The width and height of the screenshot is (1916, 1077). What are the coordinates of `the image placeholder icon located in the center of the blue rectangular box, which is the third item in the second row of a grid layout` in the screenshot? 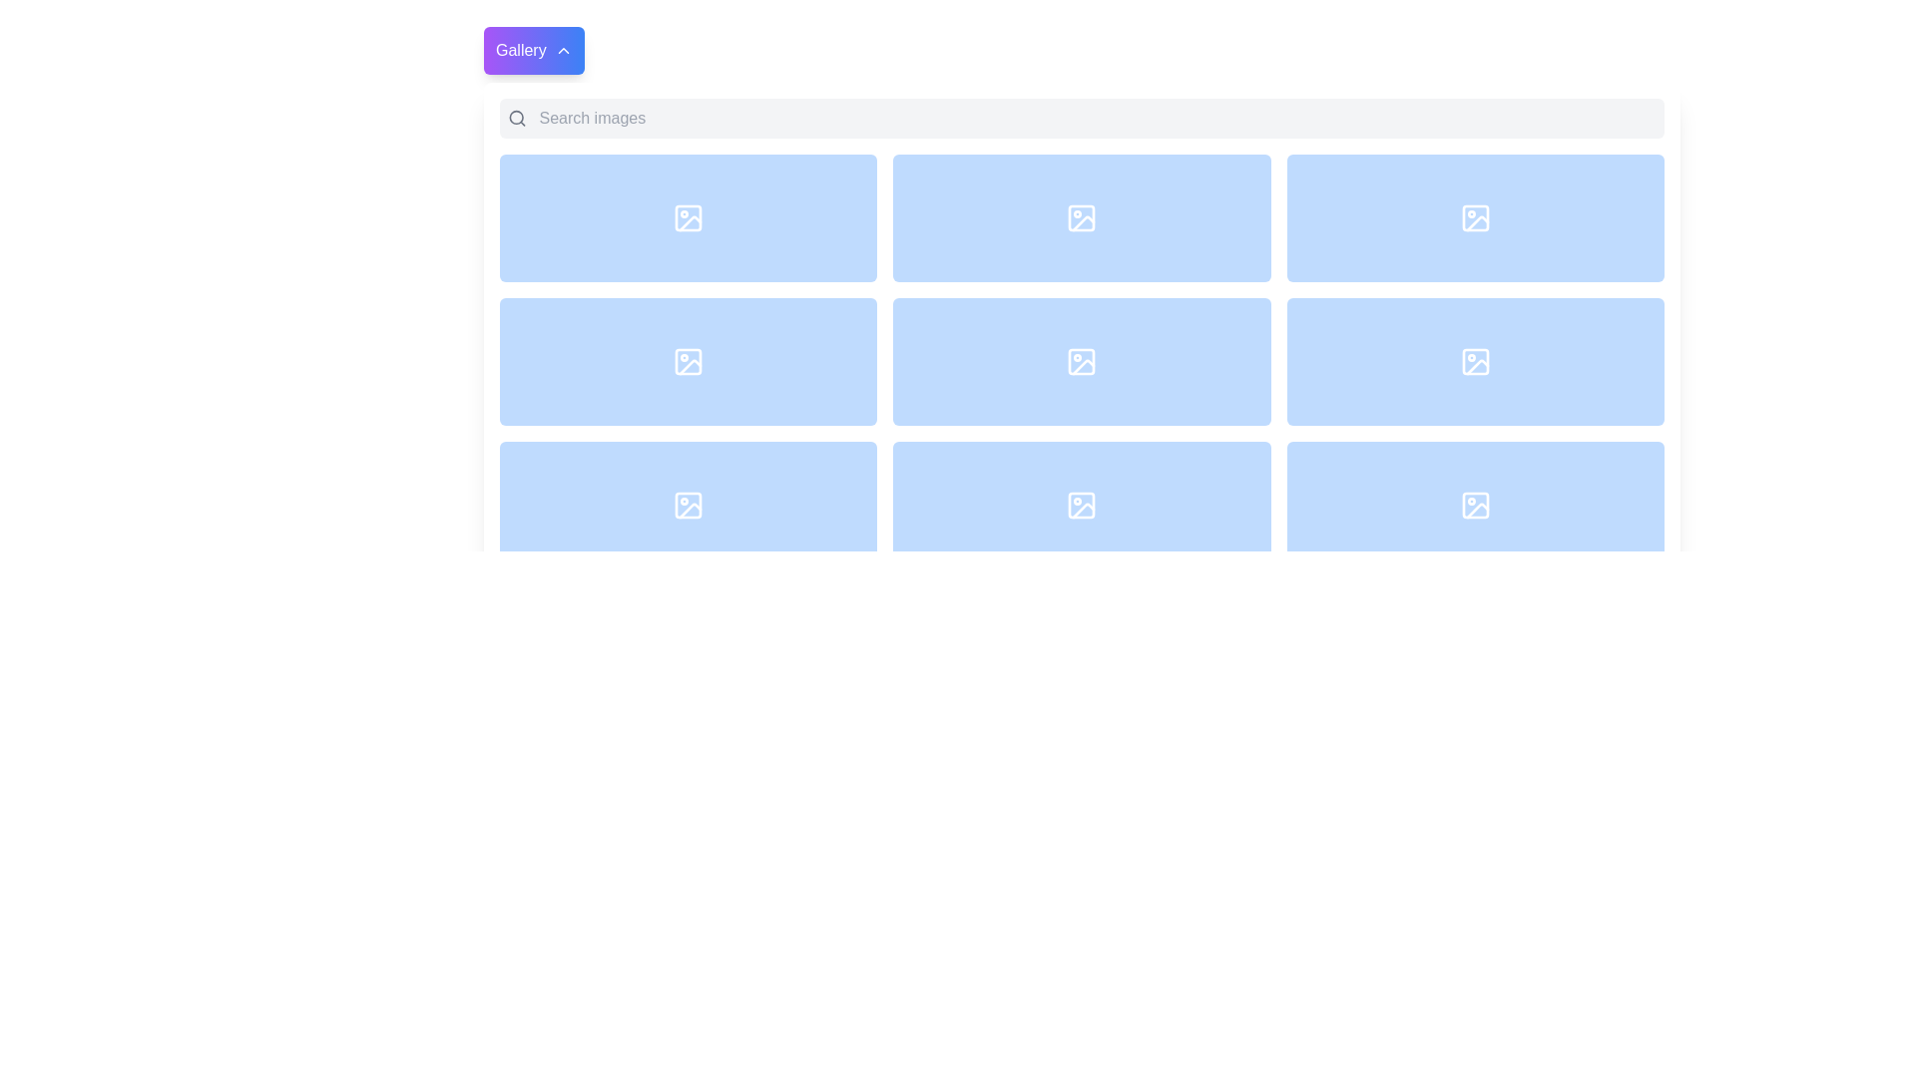 It's located at (1081, 218).